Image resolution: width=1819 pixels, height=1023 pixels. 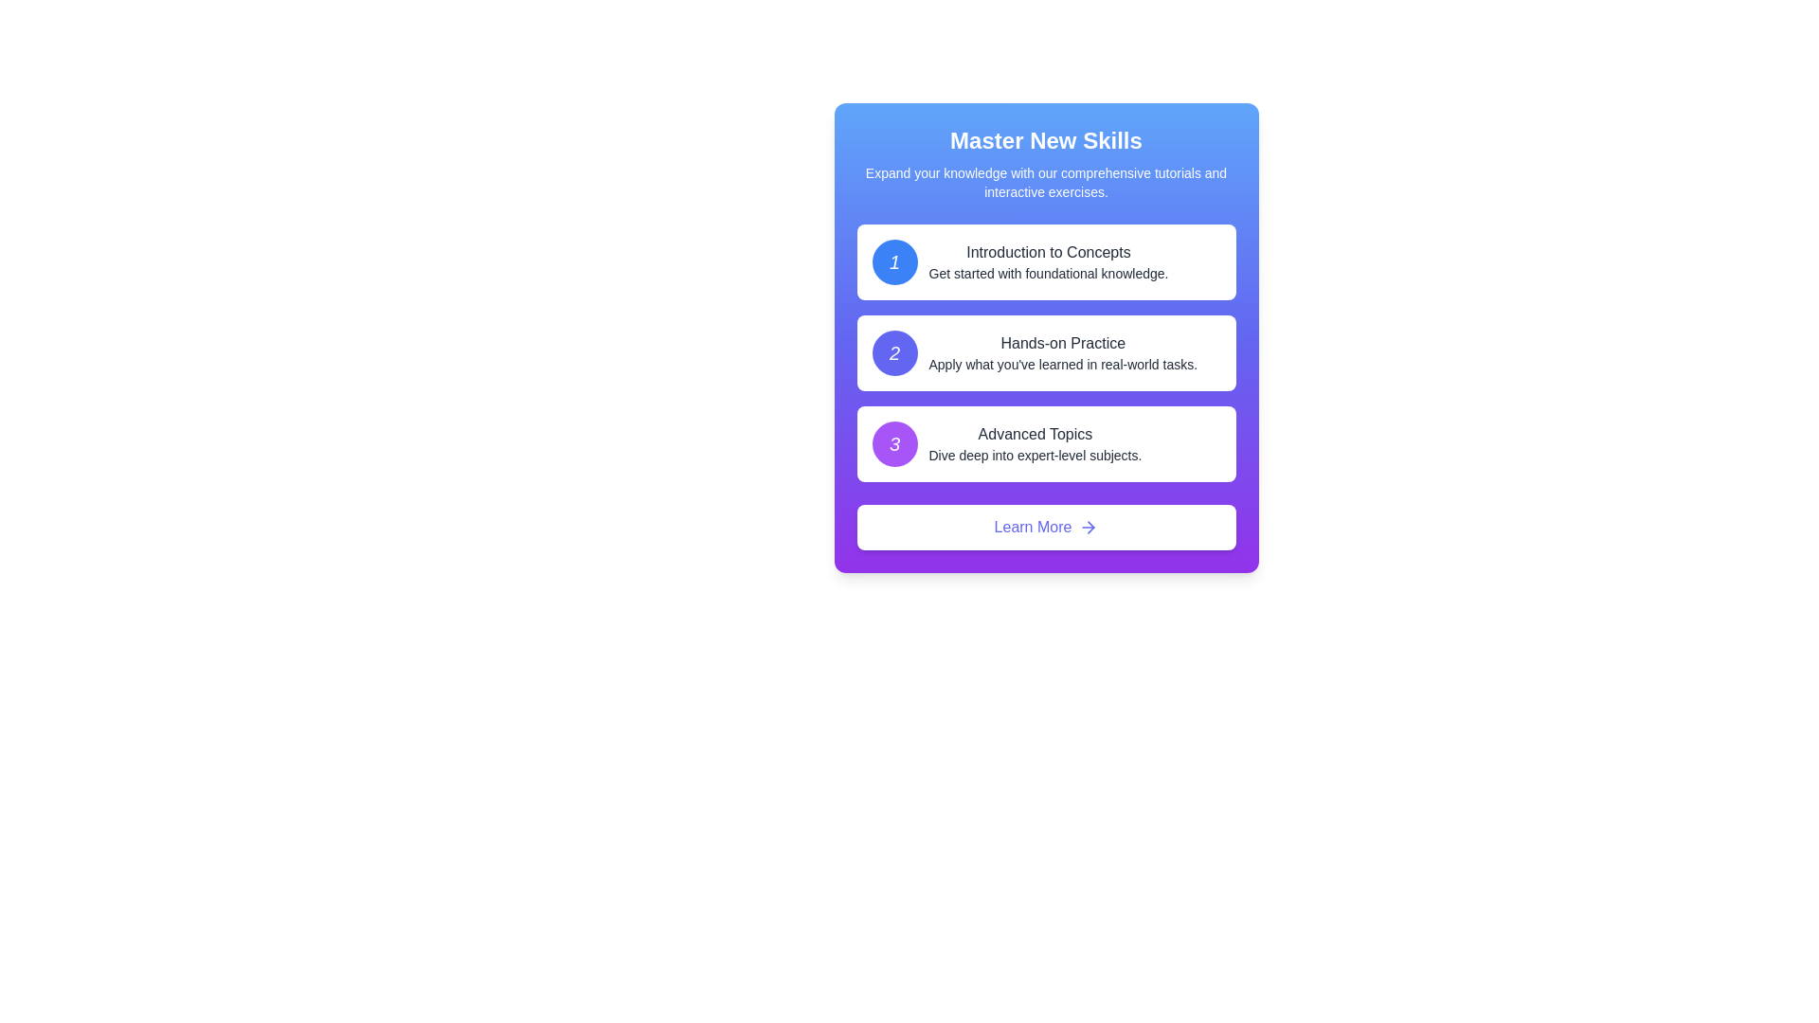 I want to click on the second circular indicator displaying the numeral '2', which serves as a visual indicator in the list of options, so click(x=893, y=353).